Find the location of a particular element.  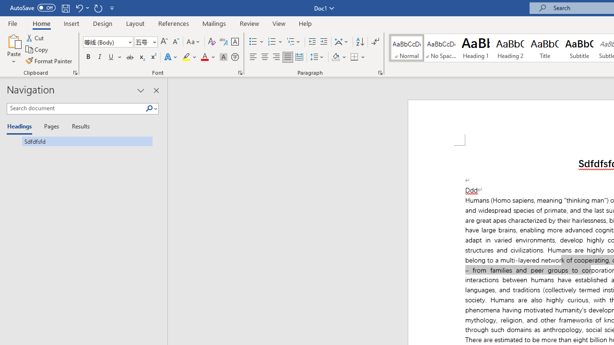

'Cut' is located at coordinates (35, 37).